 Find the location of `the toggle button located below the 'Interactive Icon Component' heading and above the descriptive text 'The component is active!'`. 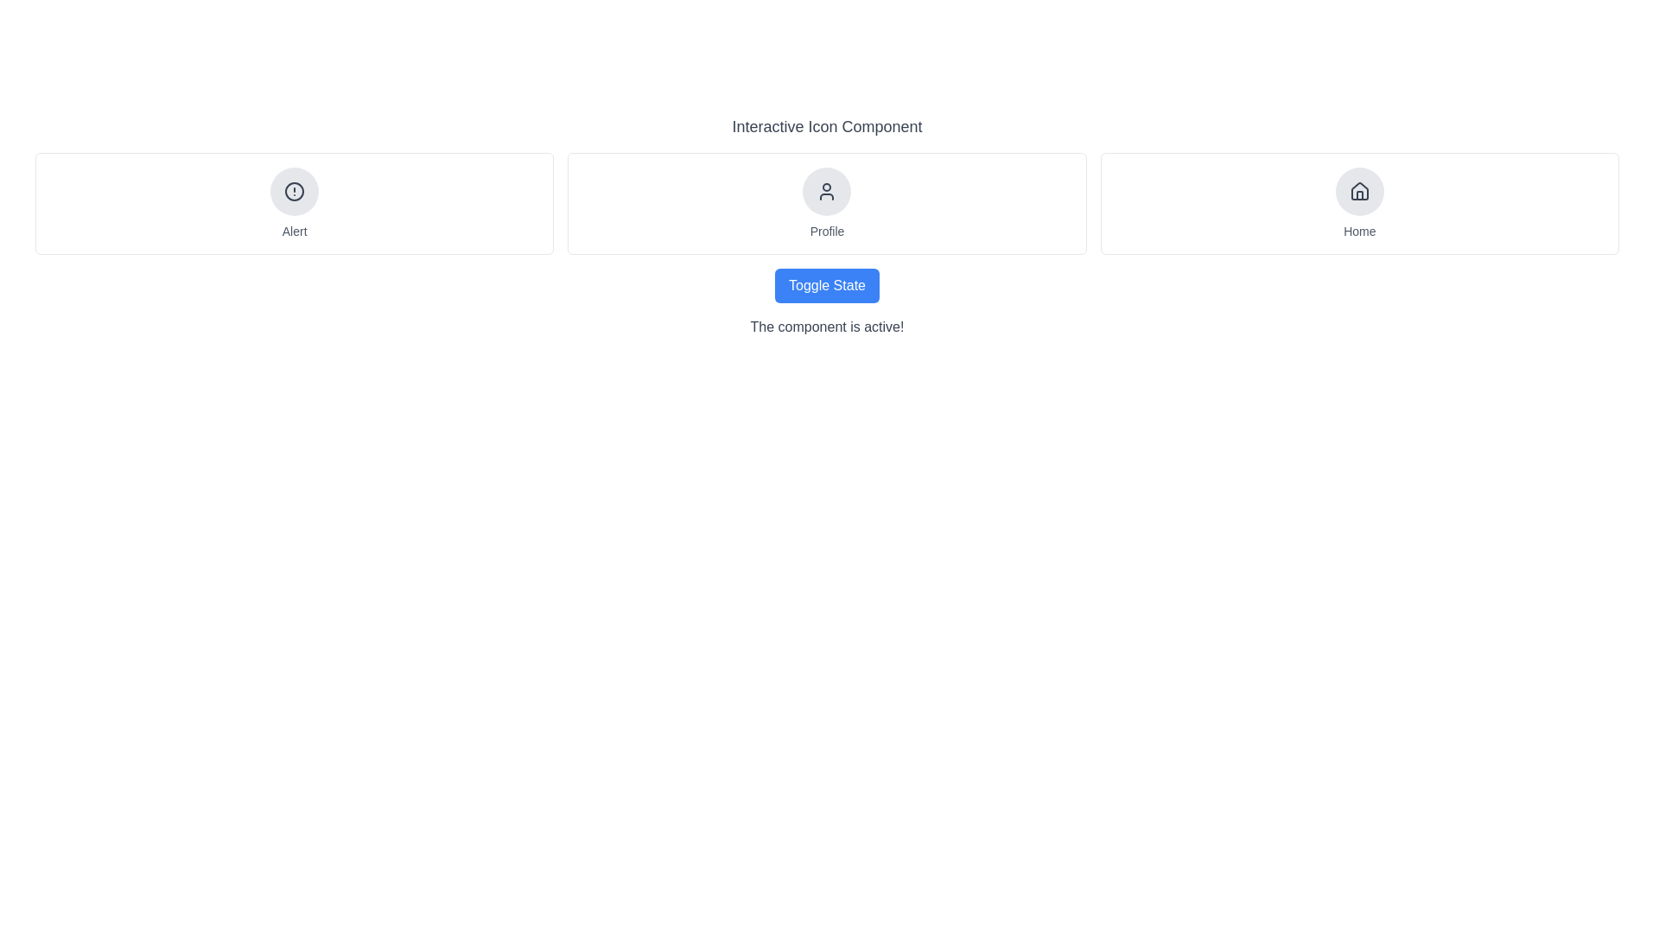

the toggle button located below the 'Interactive Icon Component' heading and above the descriptive text 'The component is active!' is located at coordinates (826, 285).